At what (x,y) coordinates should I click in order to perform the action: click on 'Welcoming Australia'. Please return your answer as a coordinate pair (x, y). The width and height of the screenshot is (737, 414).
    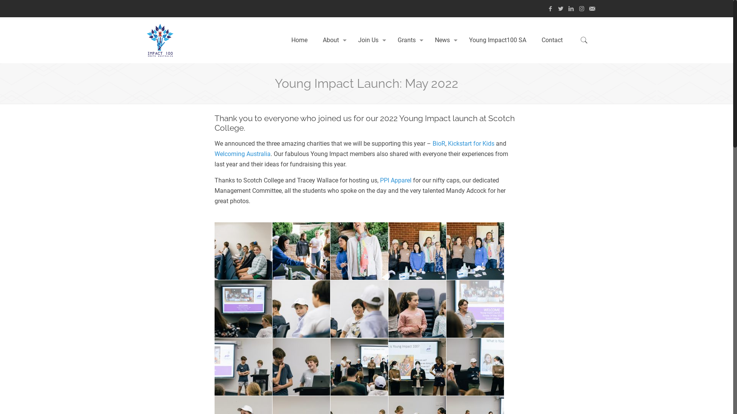
    Looking at the image, I should click on (242, 154).